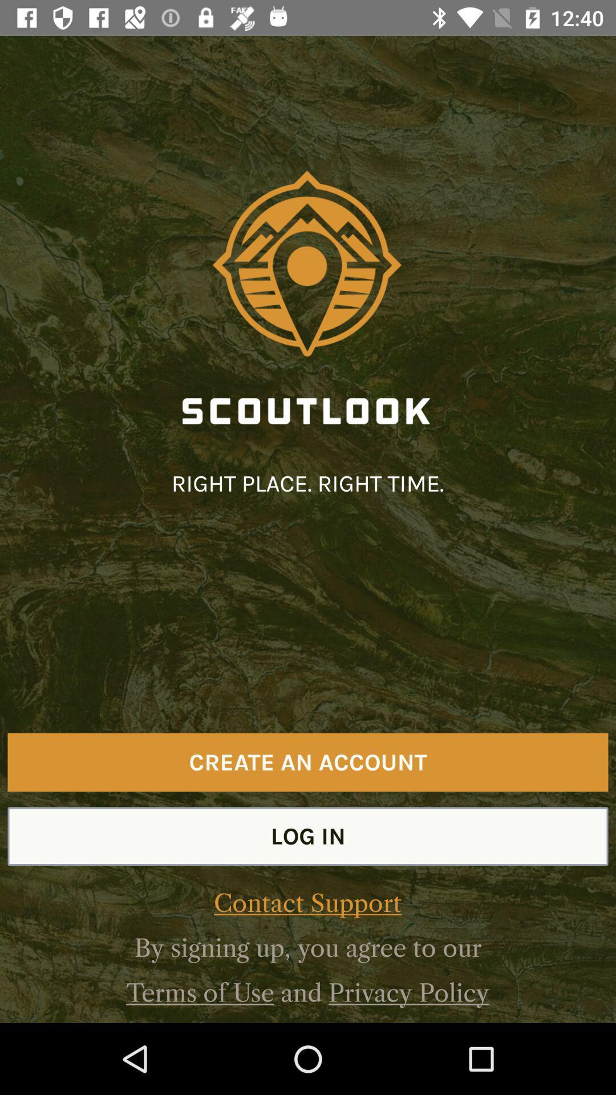  I want to click on item above log in item, so click(308, 762).